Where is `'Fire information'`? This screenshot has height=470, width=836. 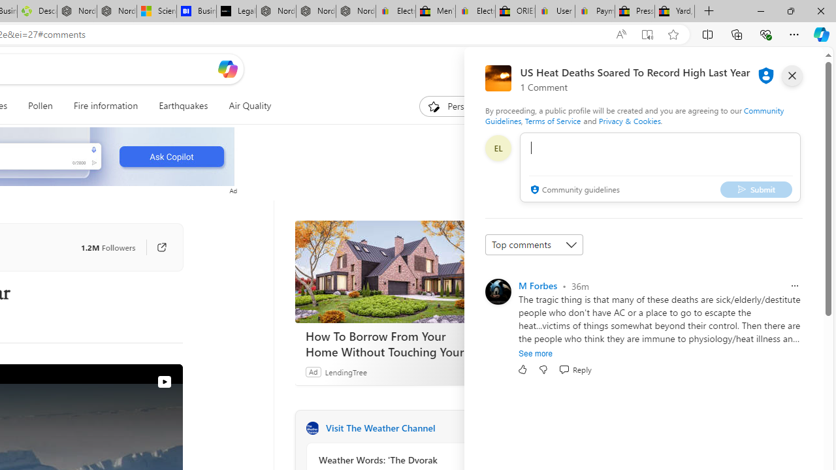
'Fire information' is located at coordinates (105, 106).